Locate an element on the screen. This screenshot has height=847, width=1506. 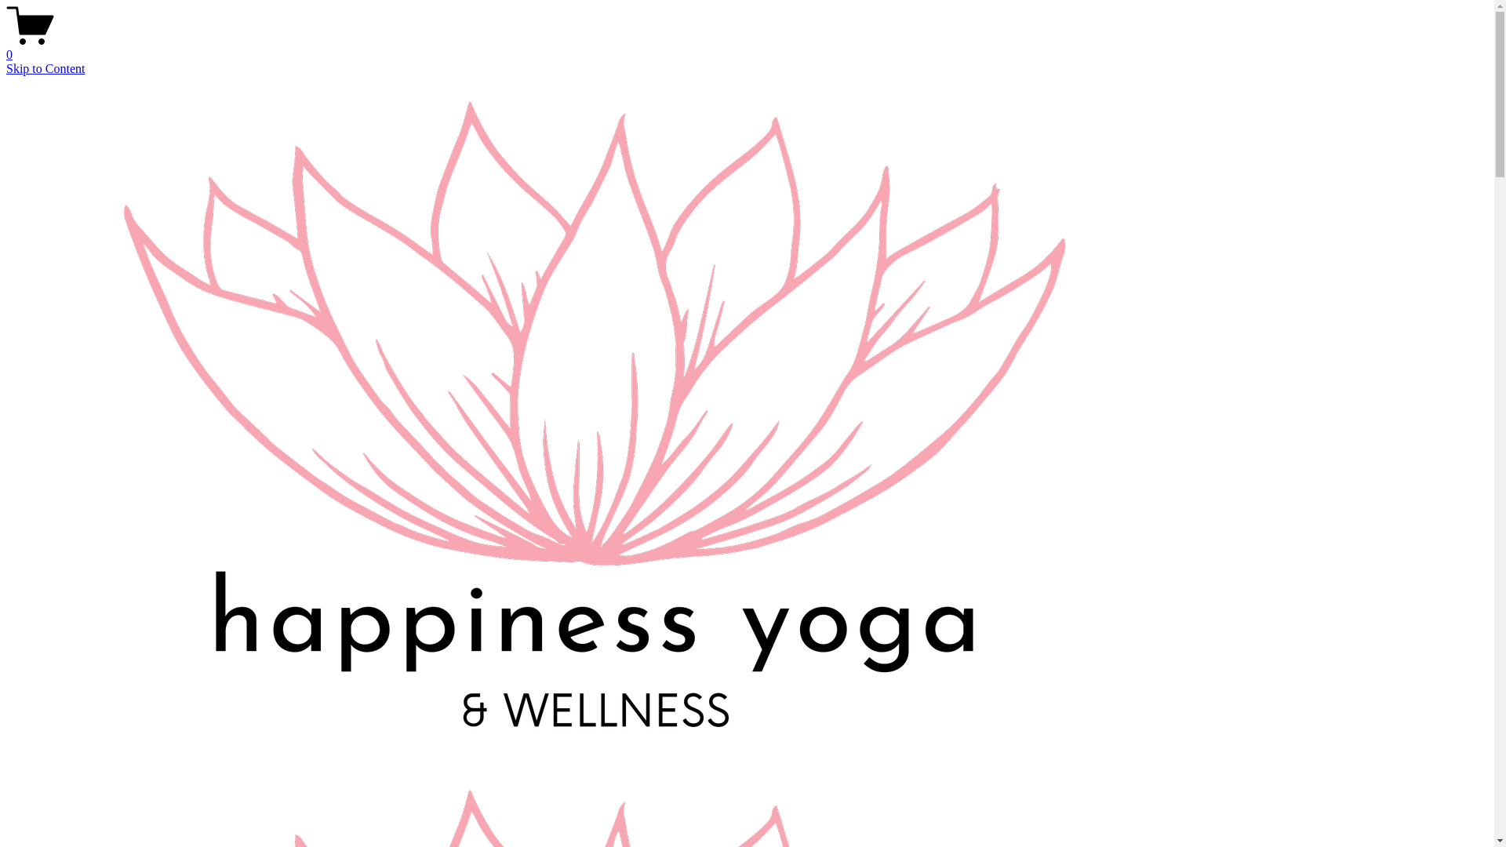
'0' is located at coordinates (6, 47).